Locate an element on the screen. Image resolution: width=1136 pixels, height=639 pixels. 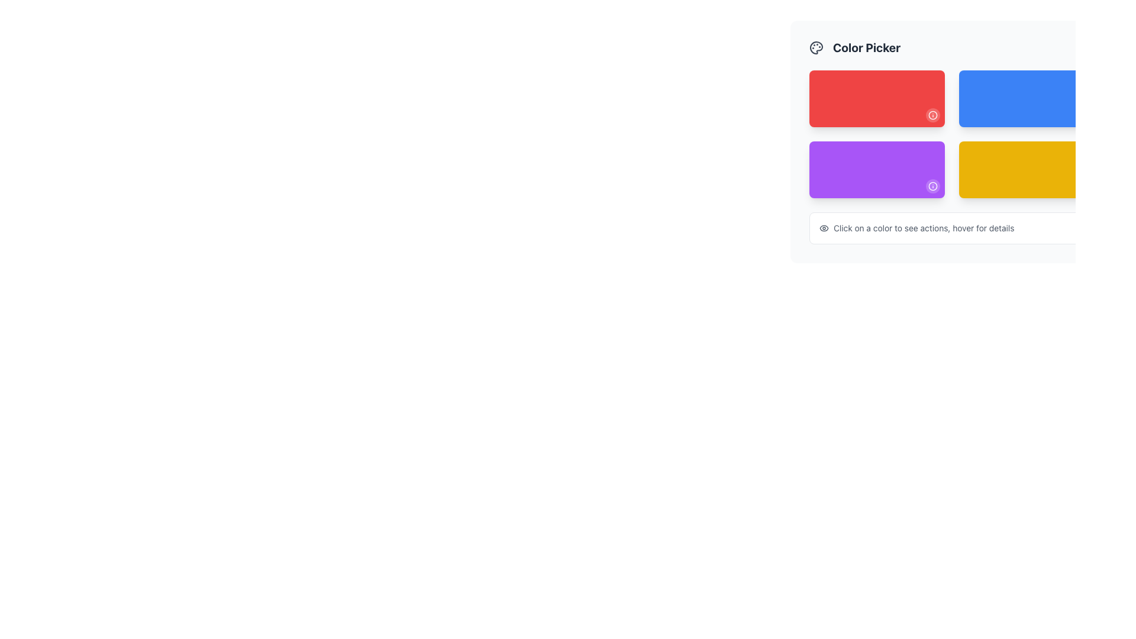
the selectable grid item with a red background and an embedded information icon in the bottom-right corner is located at coordinates (877, 98).